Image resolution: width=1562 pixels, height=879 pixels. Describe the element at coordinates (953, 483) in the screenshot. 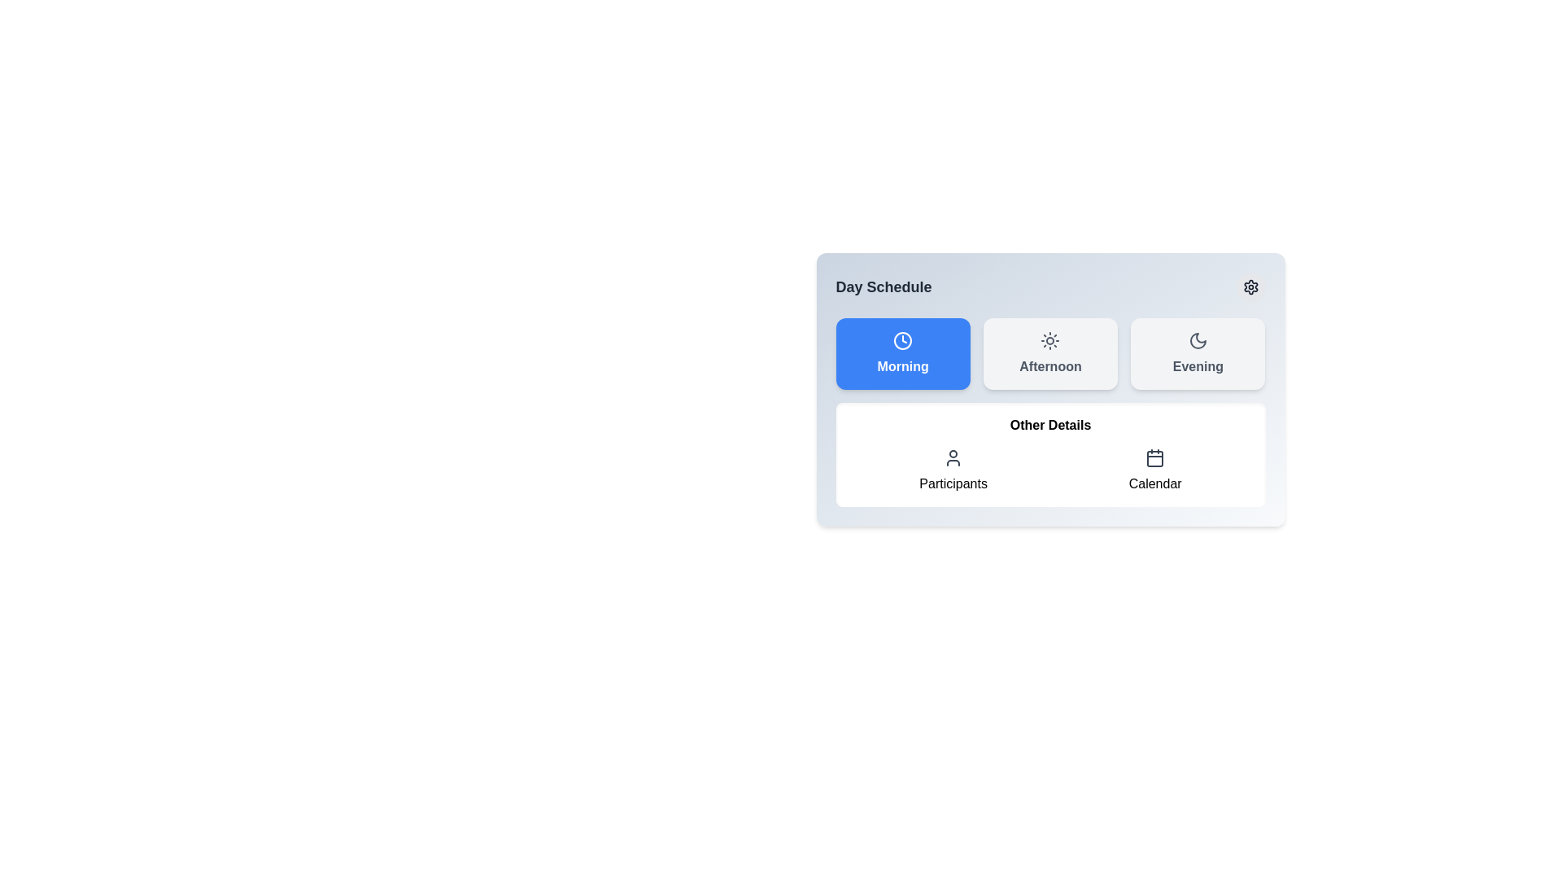

I see `the 'Participants' text label located below the user silhouette icon in the 'Other Details' section` at that location.